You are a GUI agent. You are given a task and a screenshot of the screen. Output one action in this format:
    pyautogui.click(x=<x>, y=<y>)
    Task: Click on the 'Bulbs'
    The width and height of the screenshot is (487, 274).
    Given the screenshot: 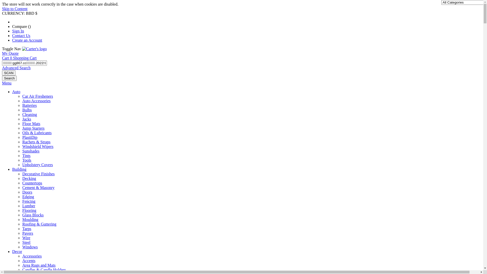 What is the action you would take?
    pyautogui.click(x=27, y=110)
    